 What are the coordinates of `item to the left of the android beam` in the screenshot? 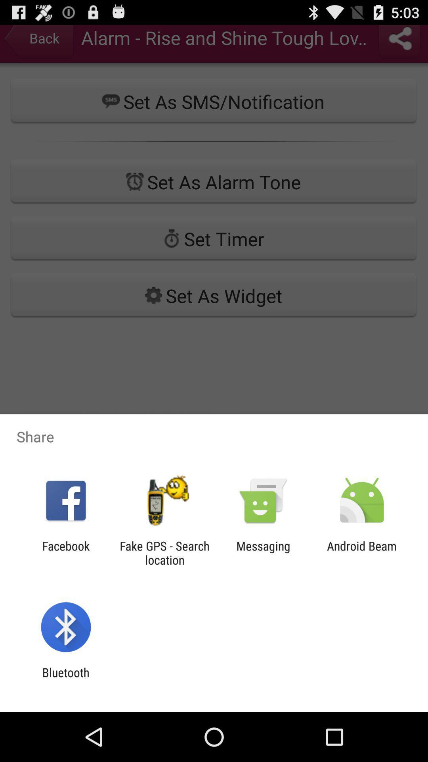 It's located at (263, 552).